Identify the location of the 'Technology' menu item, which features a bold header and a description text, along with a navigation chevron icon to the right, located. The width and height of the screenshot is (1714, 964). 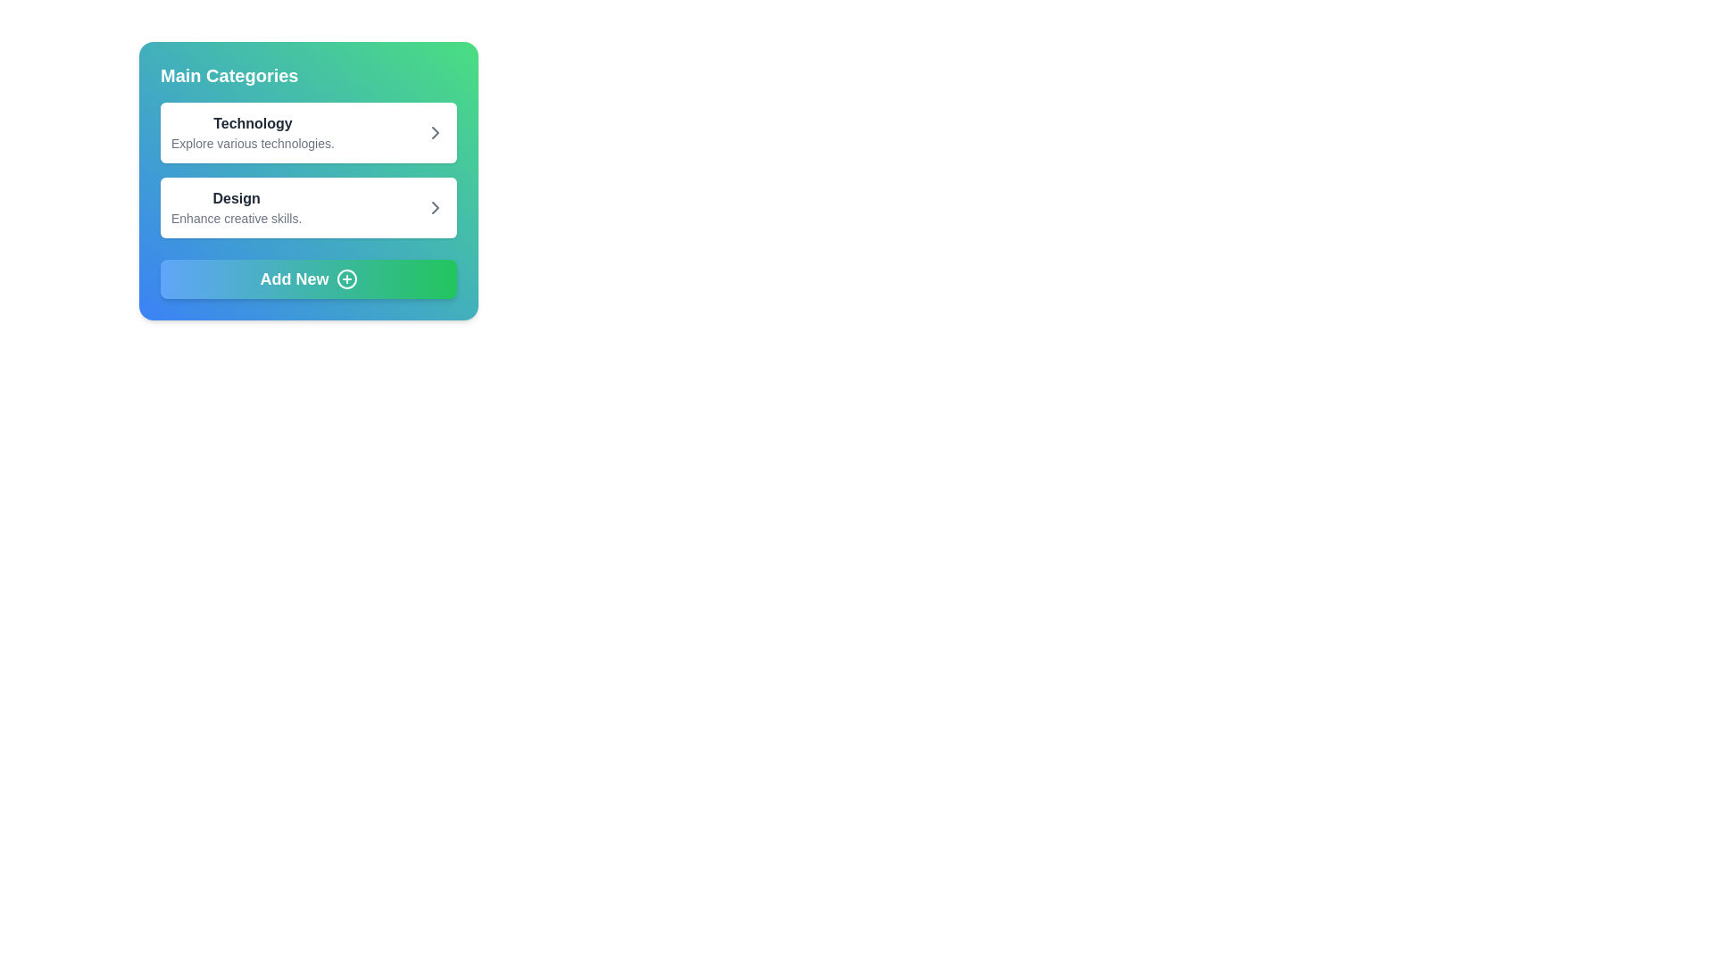
(308, 132).